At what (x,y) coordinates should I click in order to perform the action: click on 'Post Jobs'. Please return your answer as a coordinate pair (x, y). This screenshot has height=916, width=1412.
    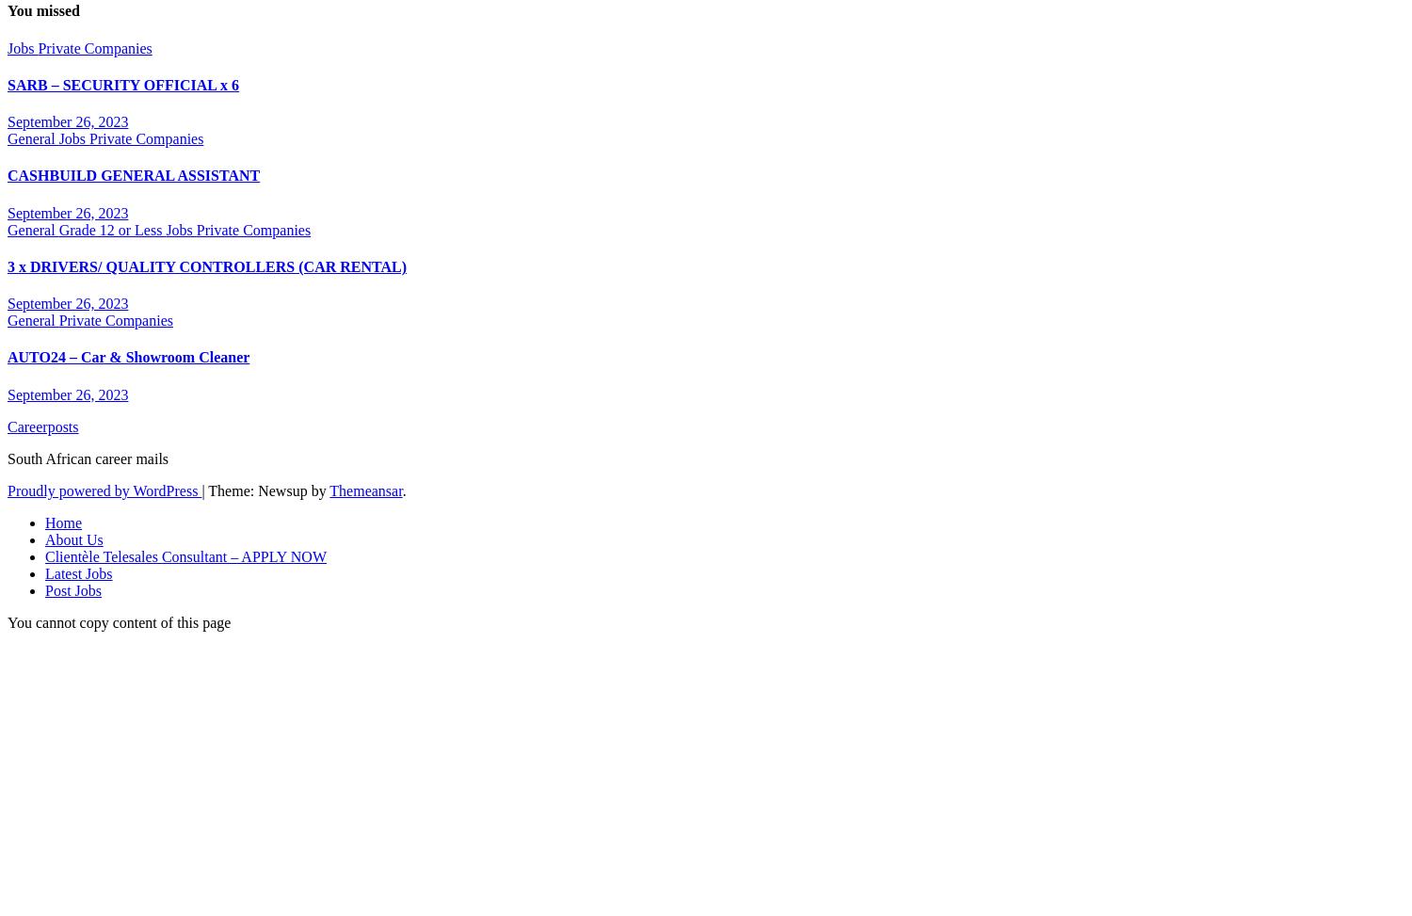
    Looking at the image, I should click on (72, 589).